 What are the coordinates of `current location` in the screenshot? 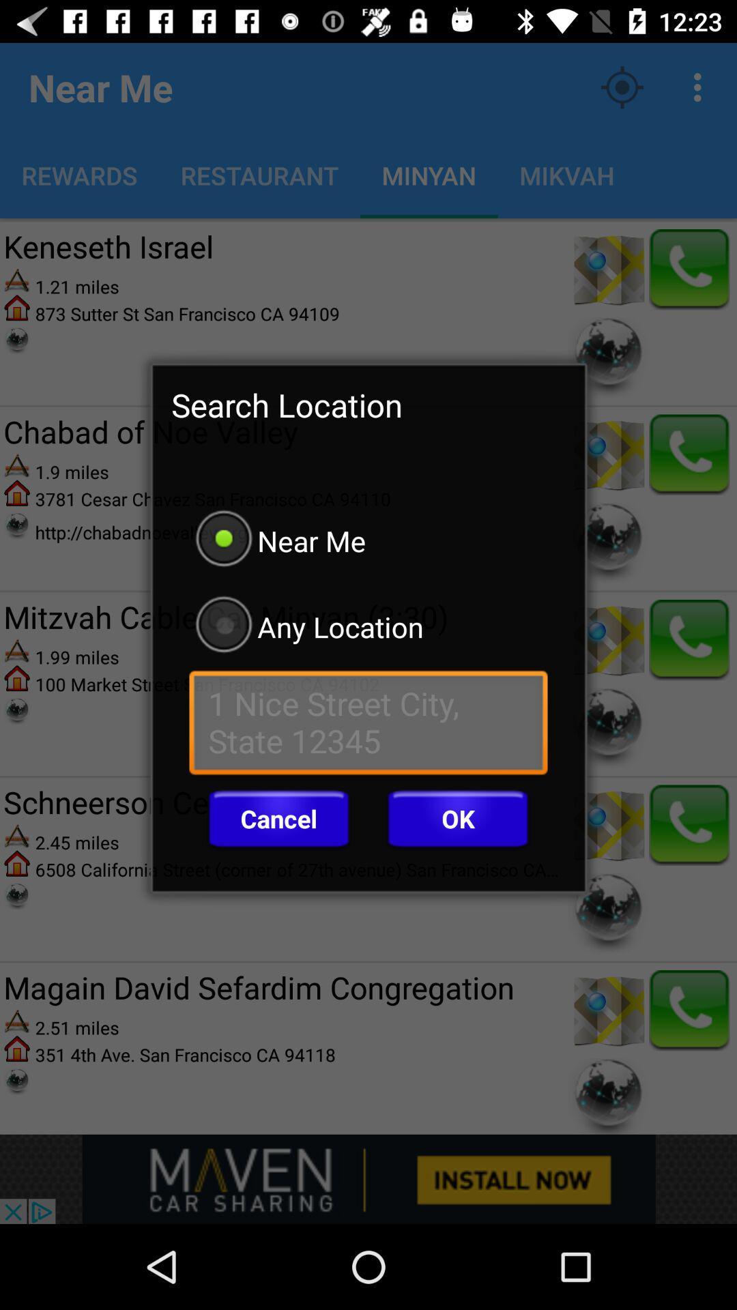 It's located at (369, 725).